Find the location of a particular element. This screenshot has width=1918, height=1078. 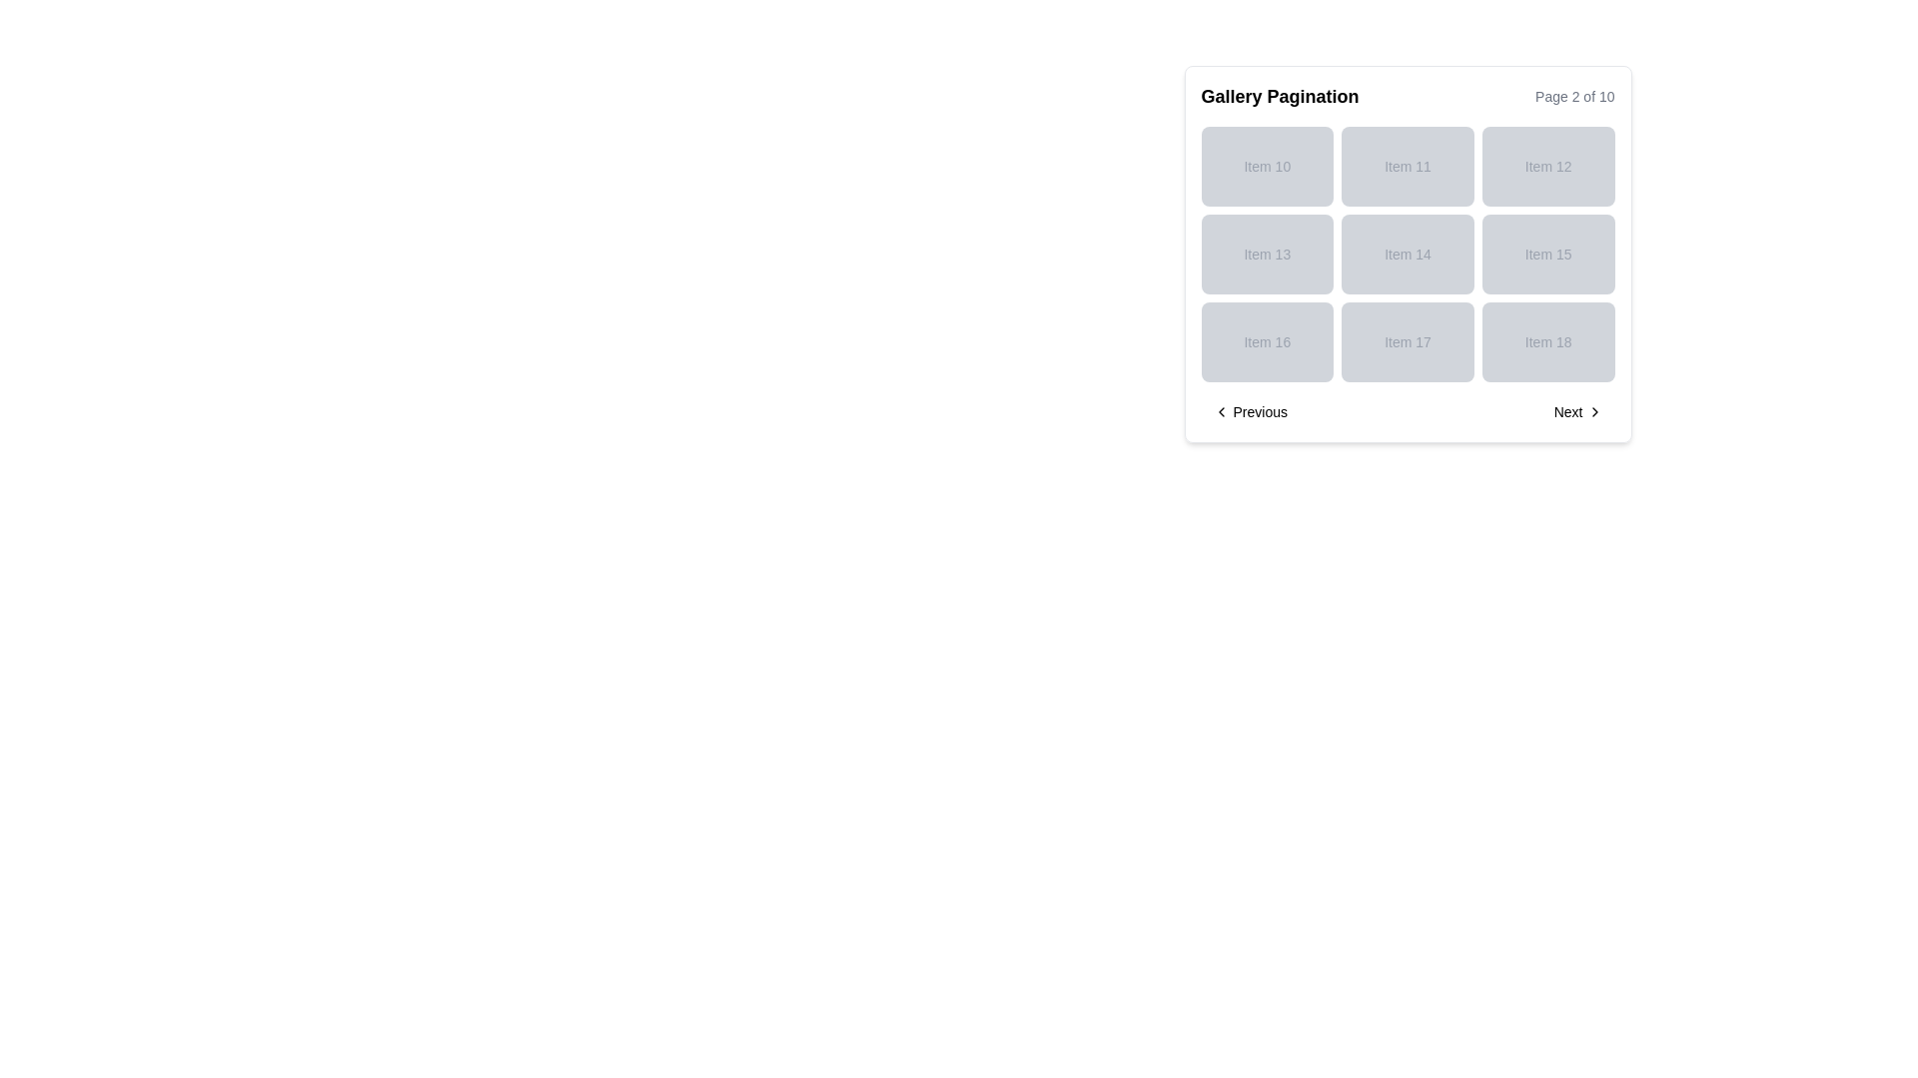

the static text element displaying the item description 'Item 17', which is a rectangular box with rounded corners and a gray background located in the third row, middle column of a 3-column grid layout is located at coordinates (1407, 341).